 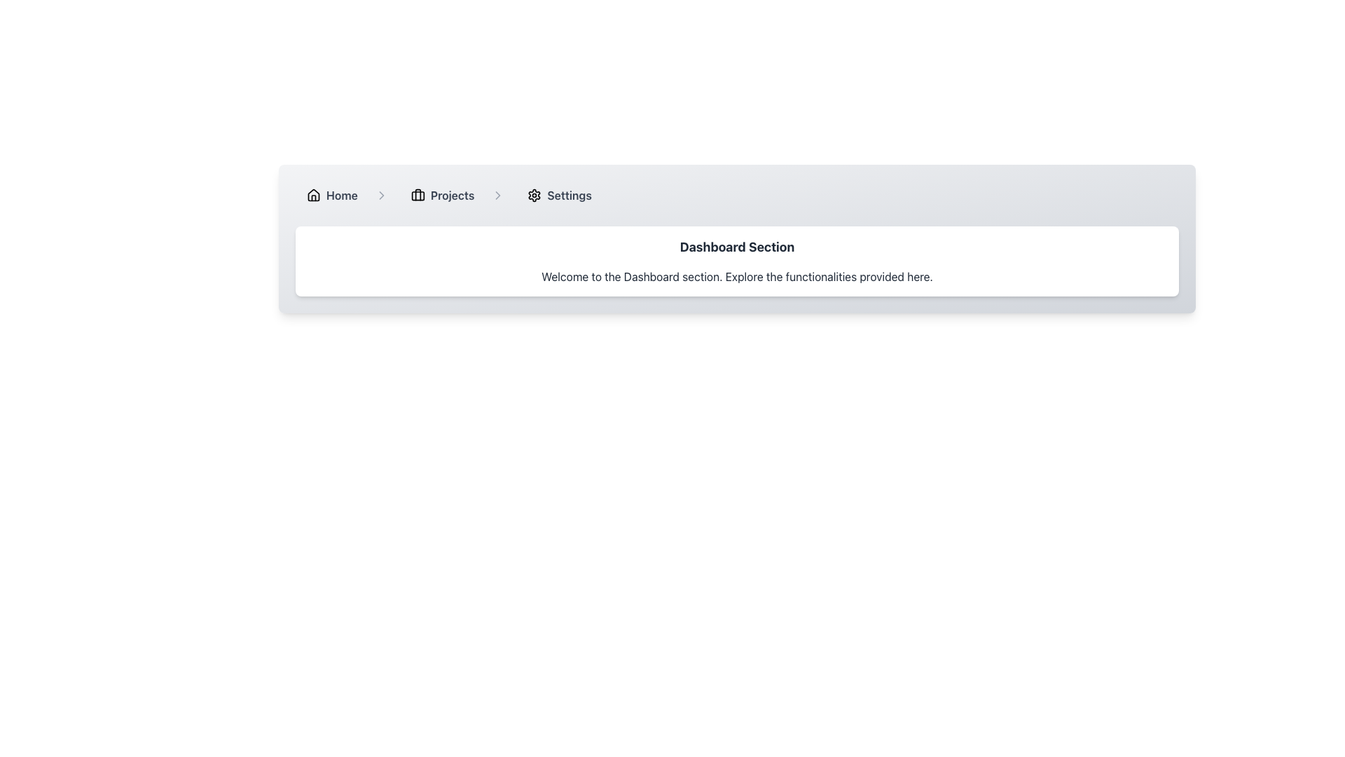 What do you see at coordinates (453, 195) in the screenshot?
I see `the 'Projects' text label in the navigation bar, which is bold and gray, located between the briefcase icon and other navigation links` at bounding box center [453, 195].